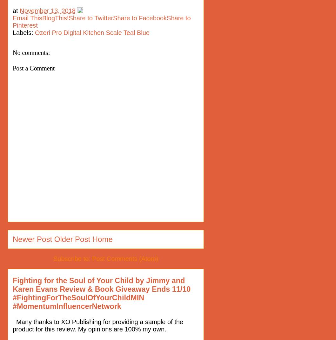 The image size is (336, 340). What do you see at coordinates (91, 32) in the screenshot?
I see `'Ozeri Pro Digital Kitchen Scale Teal Blue'` at bounding box center [91, 32].